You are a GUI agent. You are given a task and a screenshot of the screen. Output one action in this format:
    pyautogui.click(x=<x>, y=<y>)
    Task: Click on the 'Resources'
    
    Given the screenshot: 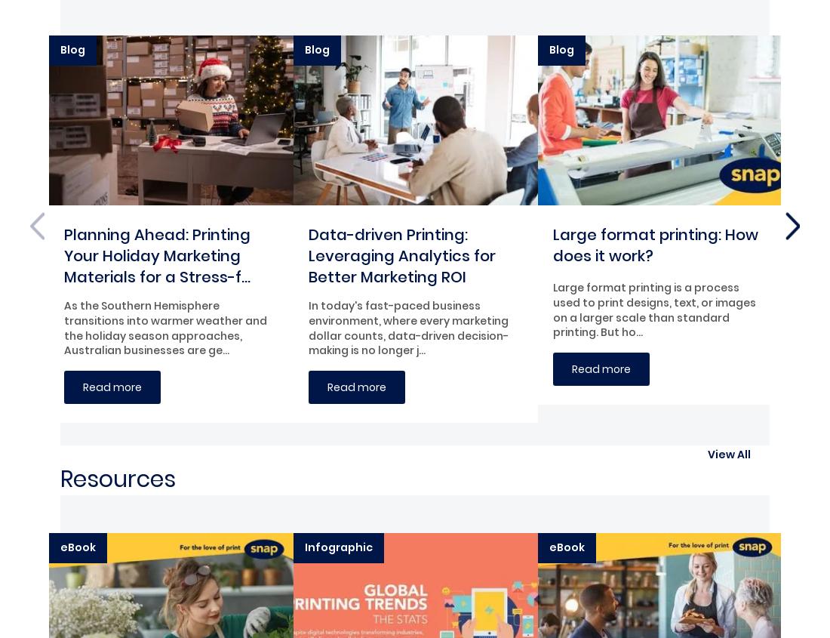 What is the action you would take?
    pyautogui.click(x=60, y=479)
    